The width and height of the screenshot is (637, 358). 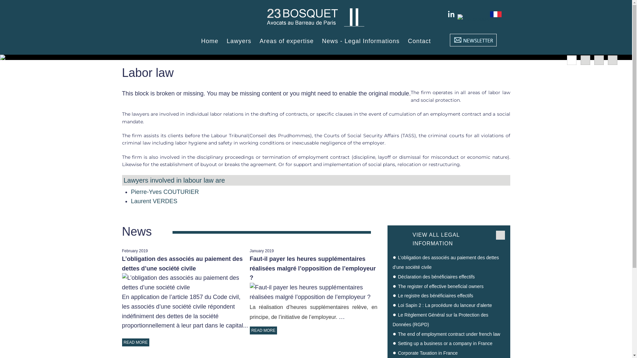 I want to click on 'Contact', so click(x=404, y=41).